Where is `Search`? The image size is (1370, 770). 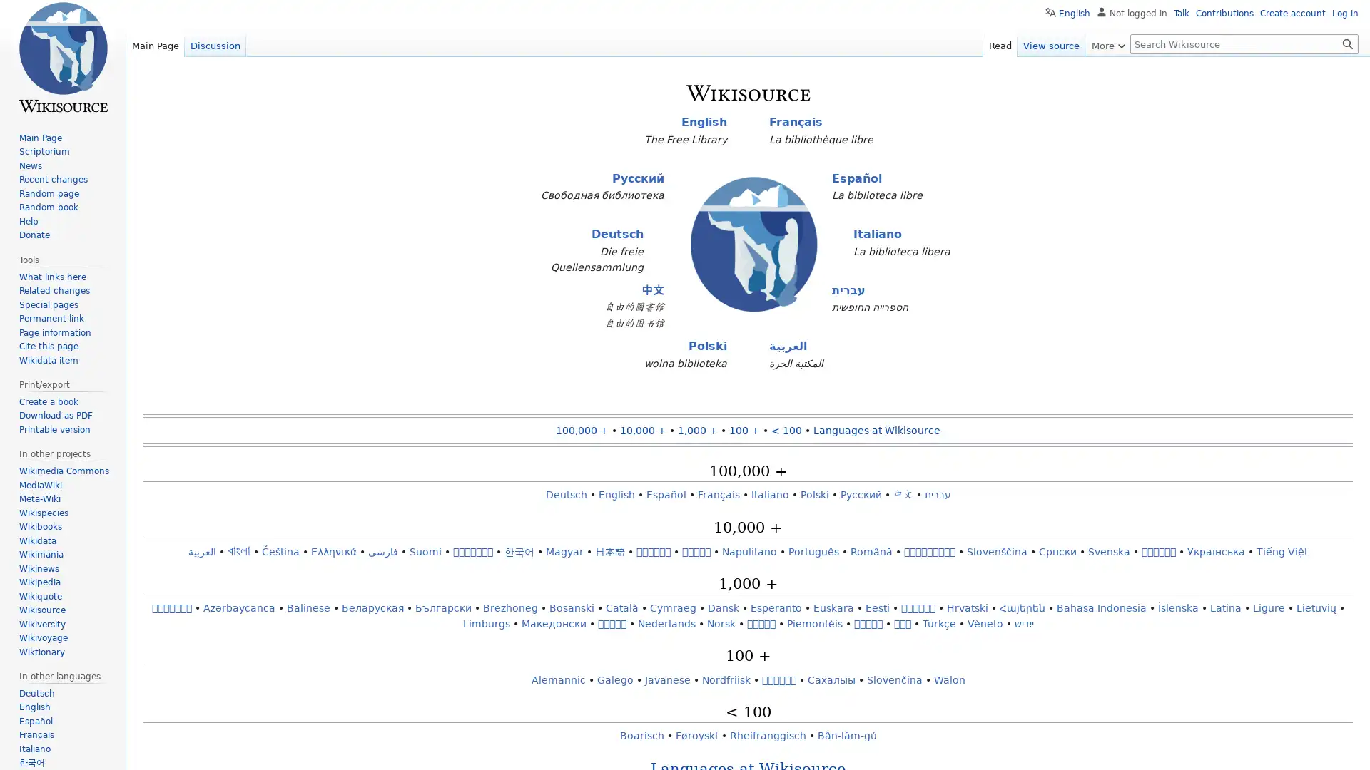
Search is located at coordinates (1347, 43).